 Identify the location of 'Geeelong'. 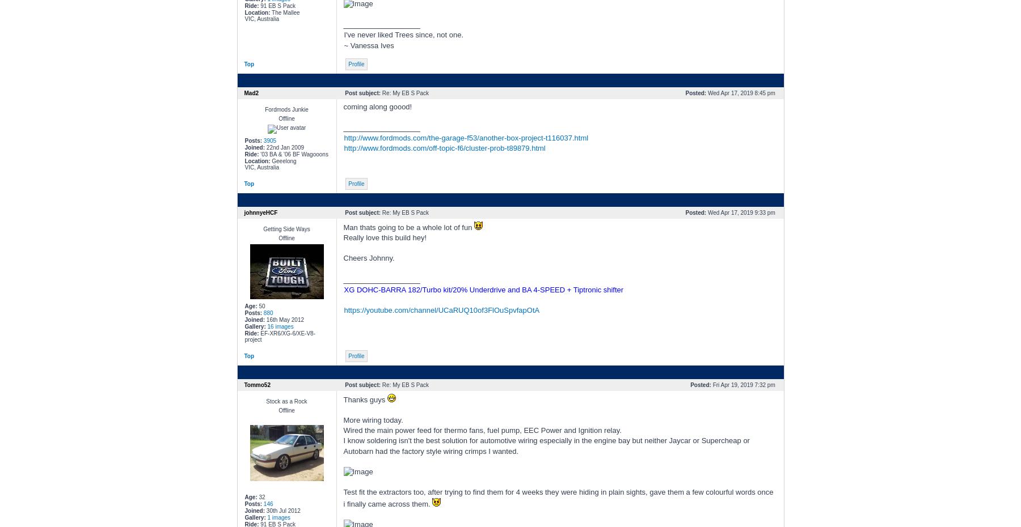
(282, 160).